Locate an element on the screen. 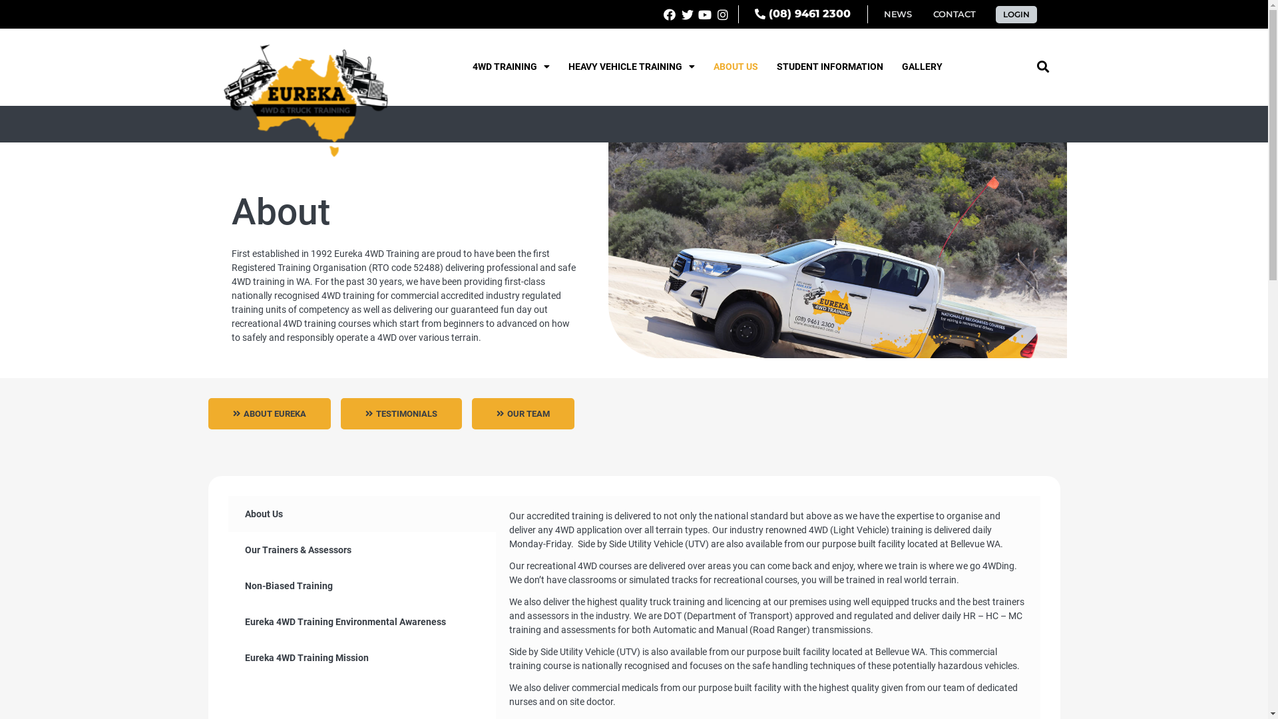  'NEWS' is located at coordinates (897, 14).